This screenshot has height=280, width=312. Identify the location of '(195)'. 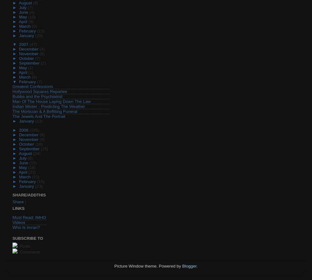
(34, 130).